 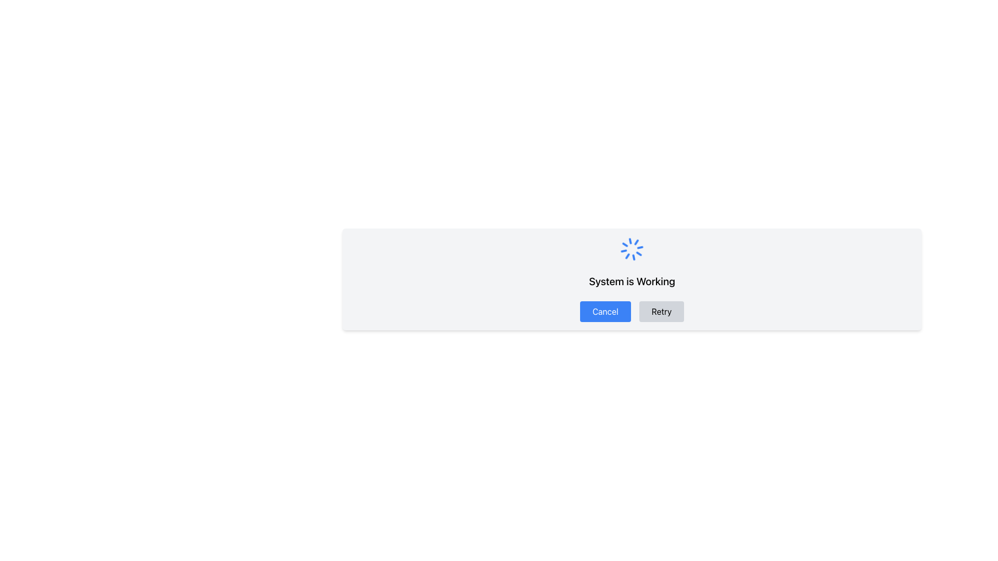 What do you see at coordinates (605, 311) in the screenshot?
I see `the cancel button located towards the lower-center of the interface` at bounding box center [605, 311].